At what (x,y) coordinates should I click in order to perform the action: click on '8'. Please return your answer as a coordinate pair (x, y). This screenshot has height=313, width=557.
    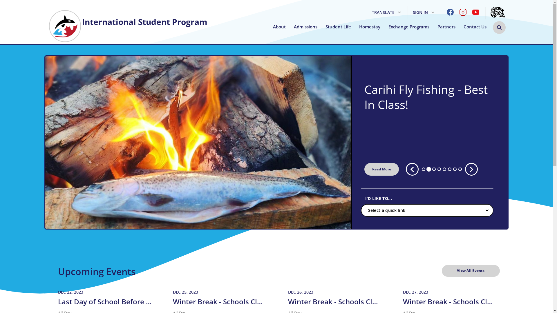
    Looking at the image, I should click on (458, 169).